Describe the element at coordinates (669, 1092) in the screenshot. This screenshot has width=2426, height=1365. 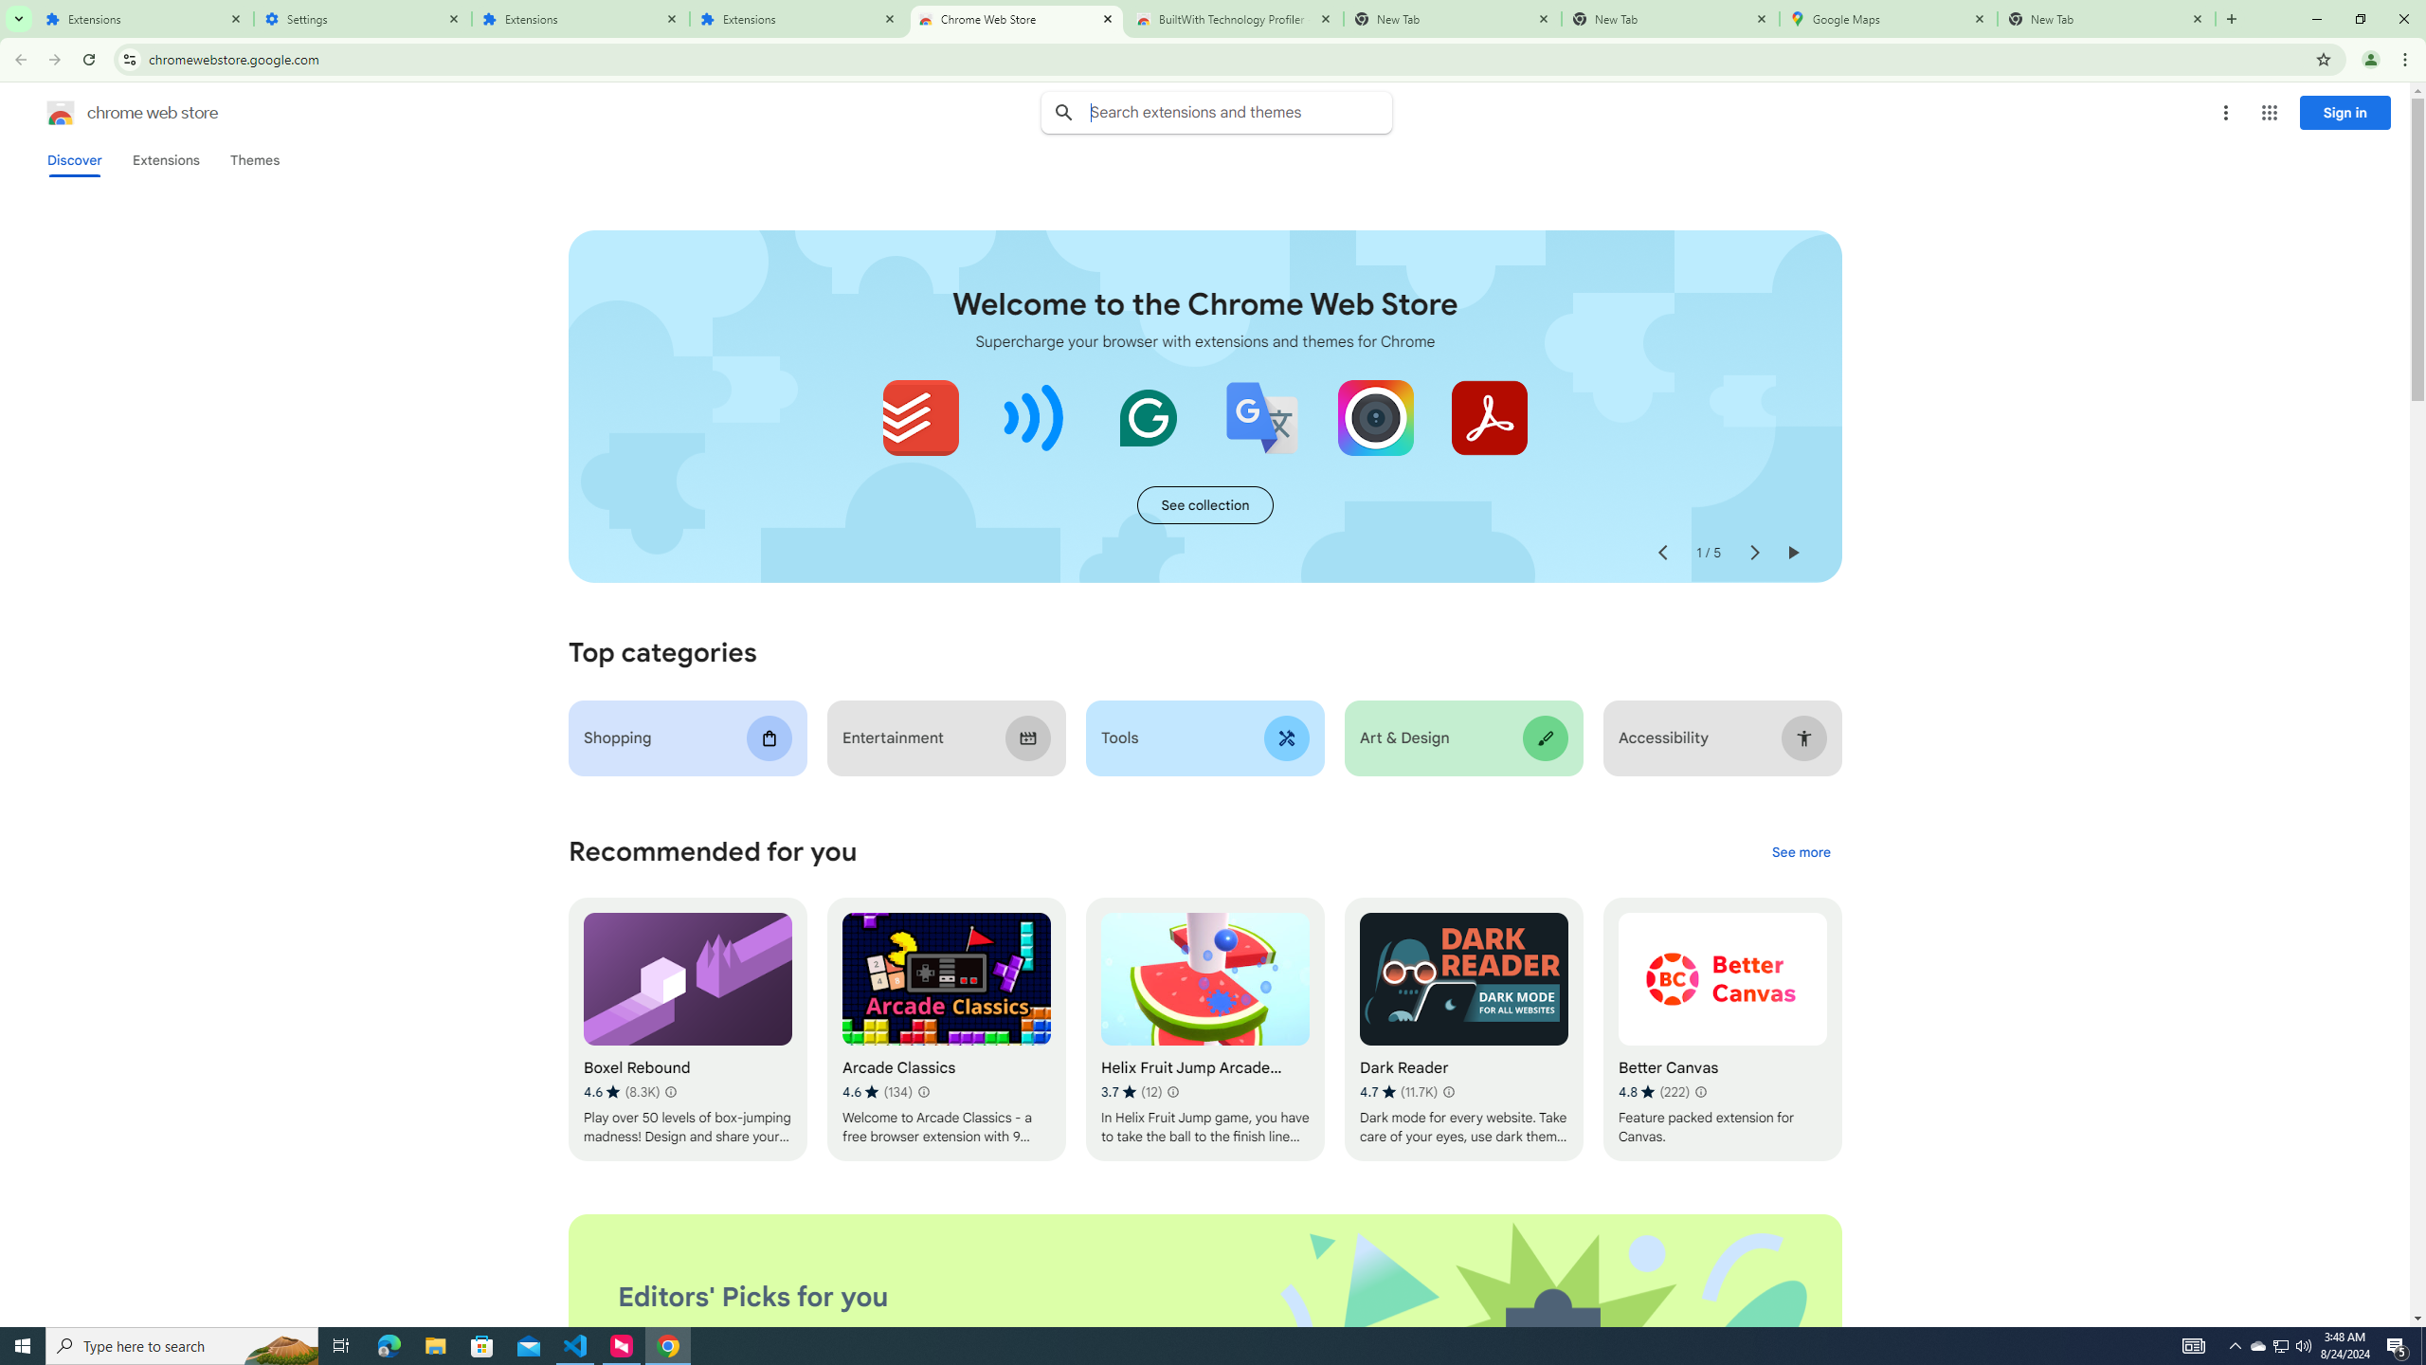
I see `'Learn more about results and reviews "Boxel Rebound"'` at that location.